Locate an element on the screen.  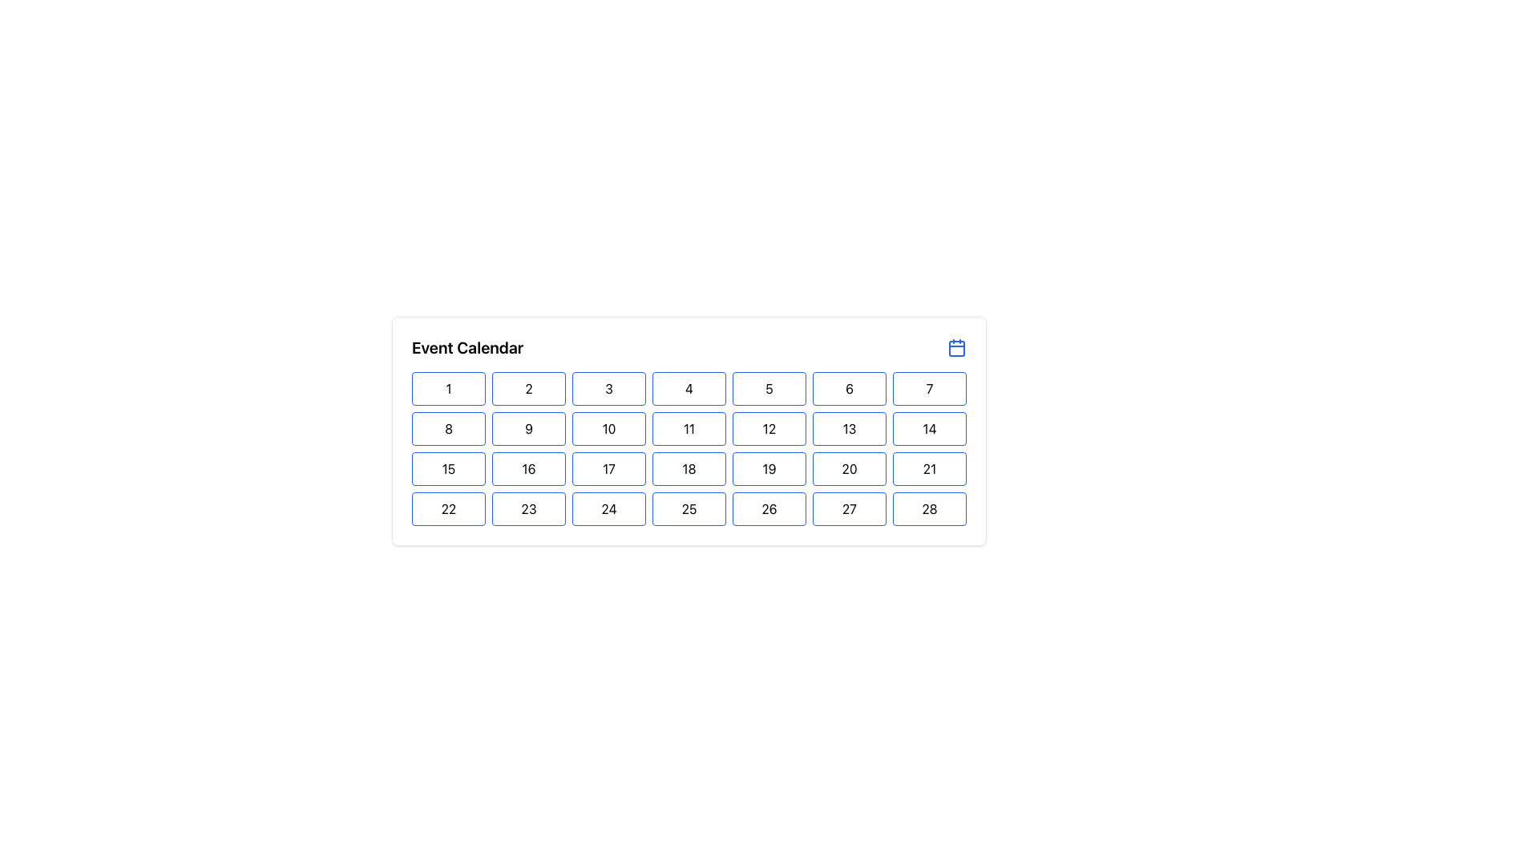
the rectangular button labeled '14' in the second row, seventh column of the Event Calendar grid is located at coordinates (930, 428).